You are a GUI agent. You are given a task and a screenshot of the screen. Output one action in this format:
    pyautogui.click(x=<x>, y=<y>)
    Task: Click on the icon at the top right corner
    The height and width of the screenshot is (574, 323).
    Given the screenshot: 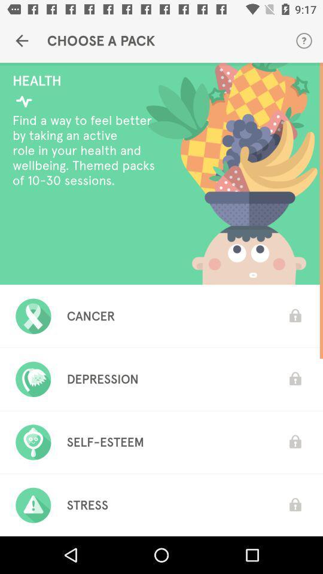 What is the action you would take?
    pyautogui.click(x=304, y=41)
    